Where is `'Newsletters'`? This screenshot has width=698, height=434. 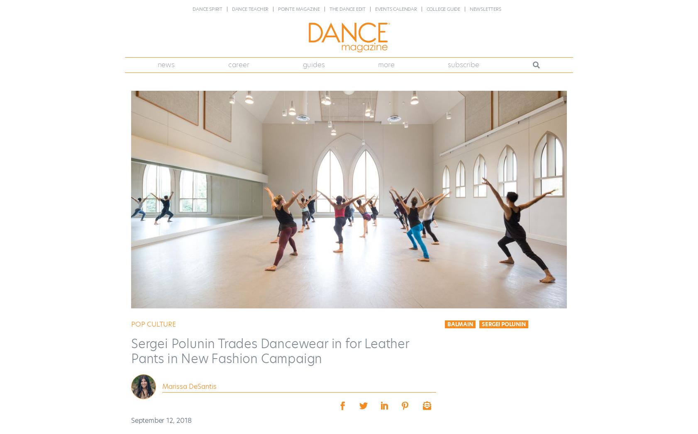 'Newsletters' is located at coordinates (484, 8).